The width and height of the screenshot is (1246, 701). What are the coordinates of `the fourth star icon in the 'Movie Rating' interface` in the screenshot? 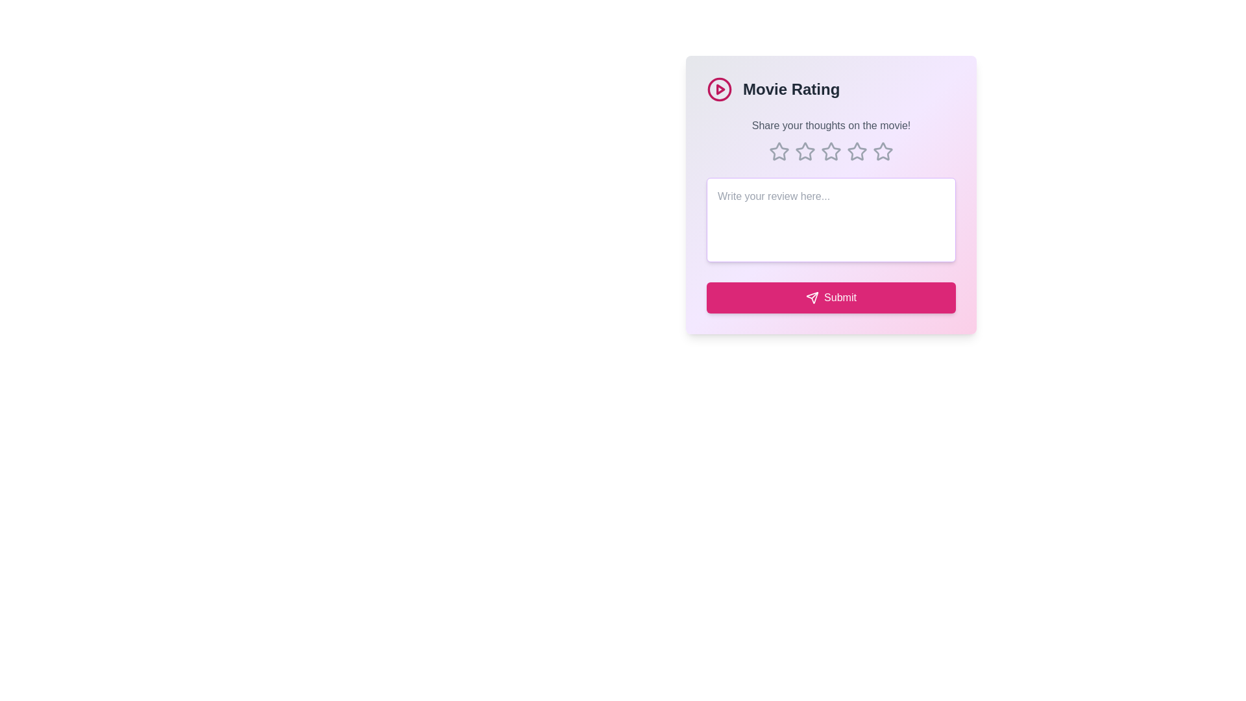 It's located at (857, 151).